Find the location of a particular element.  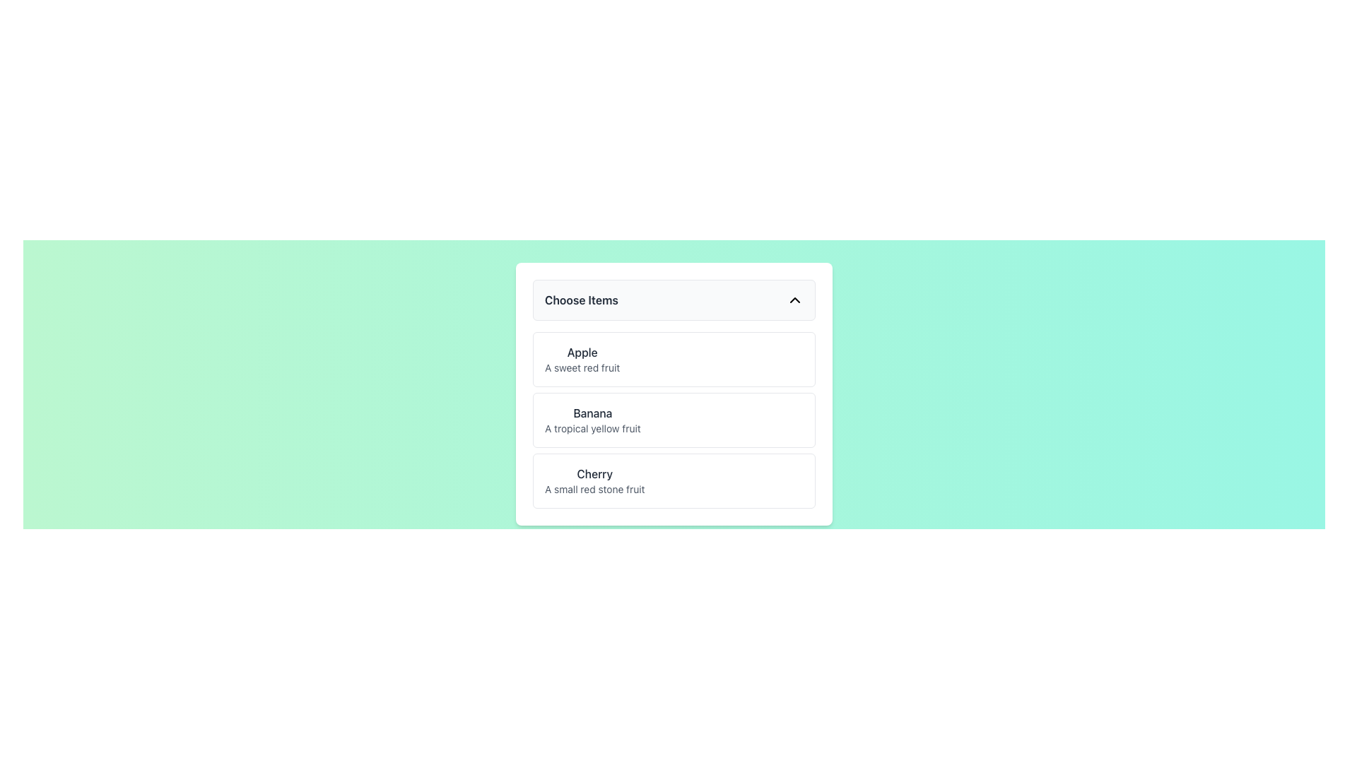

the text label for the item identified as 'Cherry' in the selection list, which serves as a title or label positioned below the 'Banana' item is located at coordinates (594, 474).